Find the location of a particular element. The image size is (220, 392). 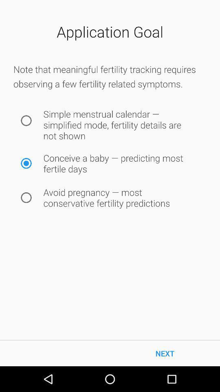

the item at the bottom right corner is located at coordinates (165, 353).